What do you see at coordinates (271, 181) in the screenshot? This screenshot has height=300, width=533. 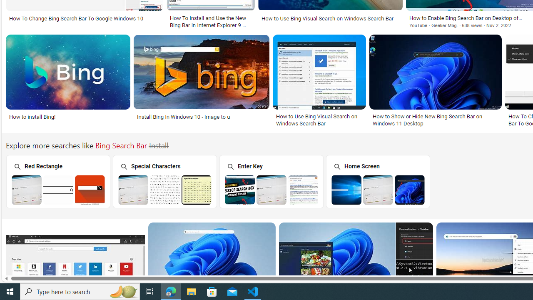 I see `'Bing Search Bar Enter Key Enter Key'` at bounding box center [271, 181].